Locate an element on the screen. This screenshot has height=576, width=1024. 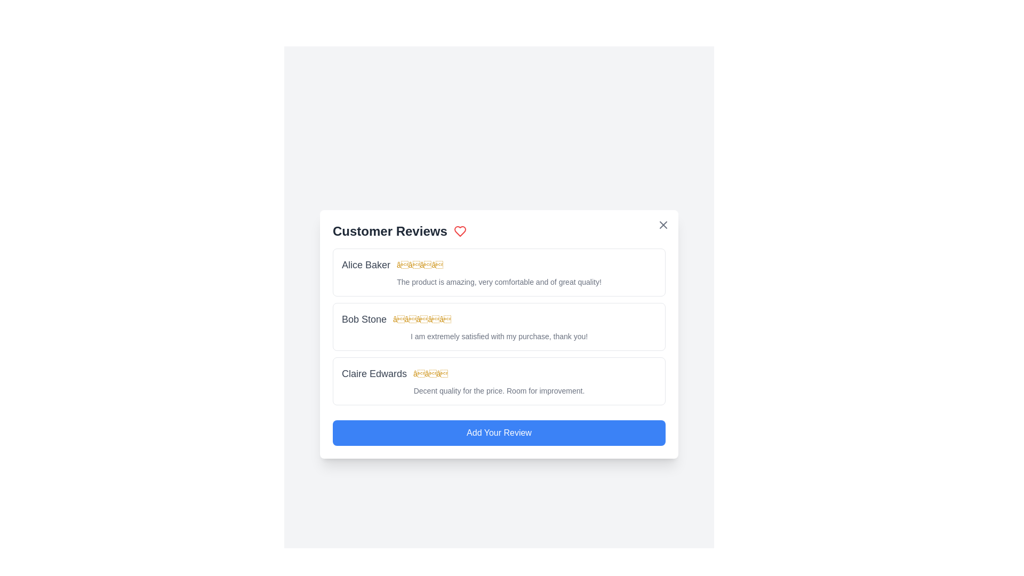
'Add Your Review' button to open the review submission form is located at coordinates (499, 433).